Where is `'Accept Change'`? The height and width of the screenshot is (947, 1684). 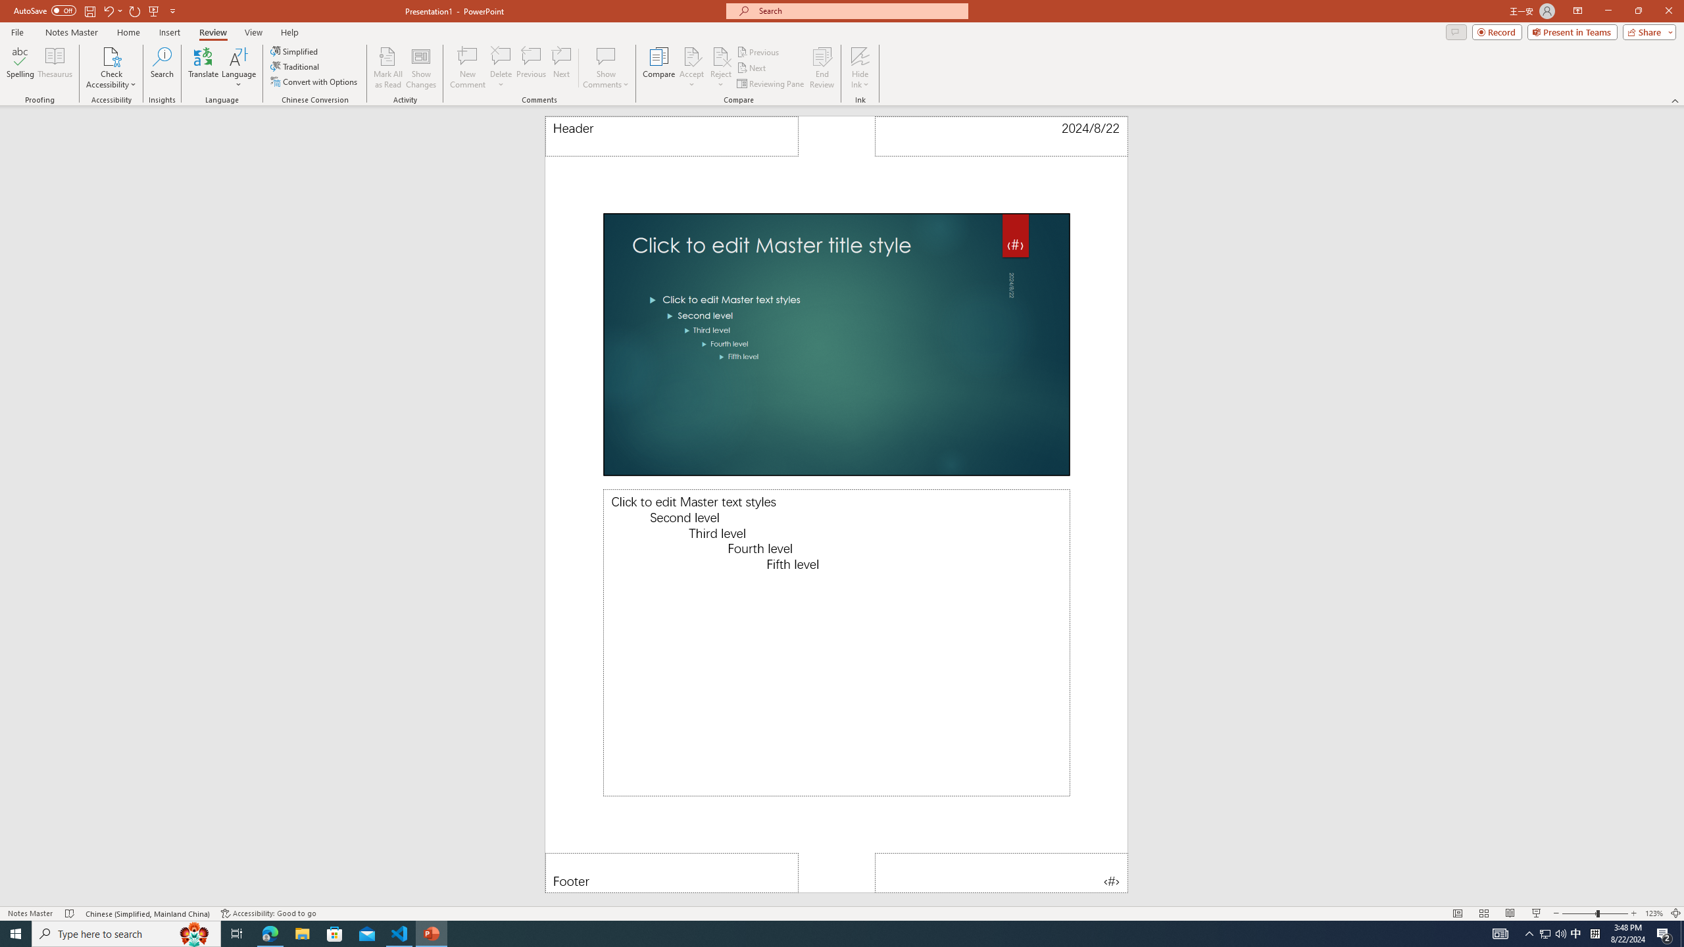
'Accept Change' is located at coordinates (691, 55).